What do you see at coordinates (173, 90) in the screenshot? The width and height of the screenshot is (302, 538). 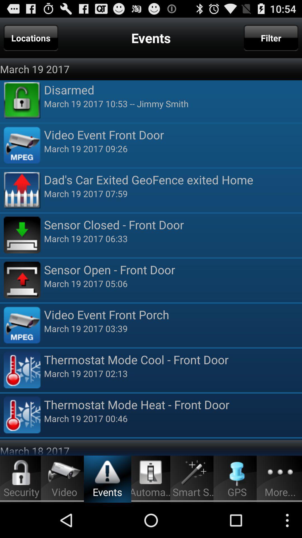 I see `the disarmed app` at bounding box center [173, 90].